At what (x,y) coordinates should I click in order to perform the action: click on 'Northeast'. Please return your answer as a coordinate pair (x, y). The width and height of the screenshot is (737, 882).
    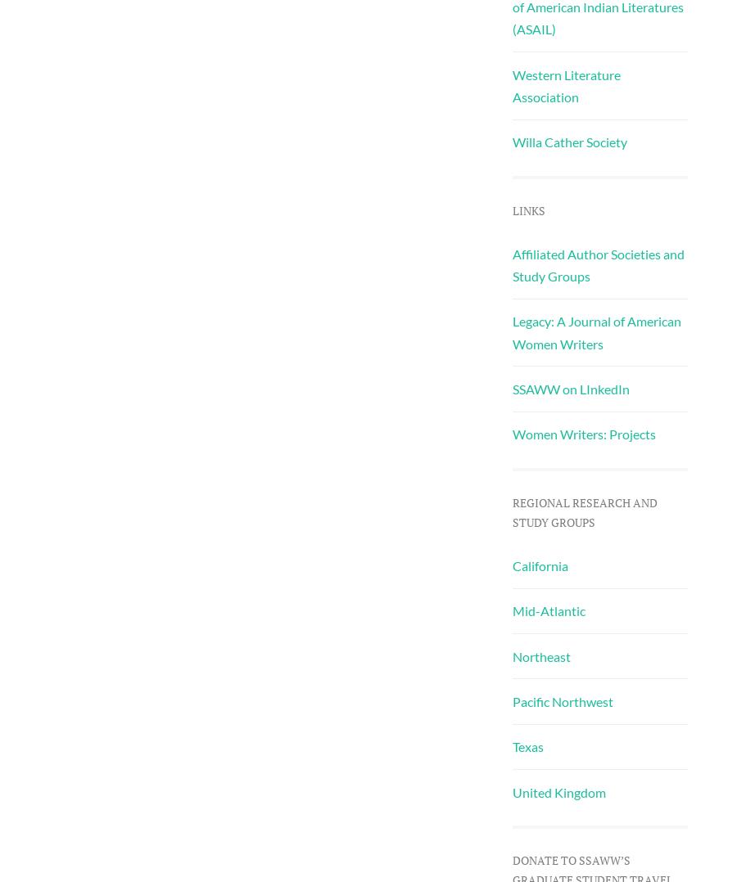
    Looking at the image, I should click on (540, 655).